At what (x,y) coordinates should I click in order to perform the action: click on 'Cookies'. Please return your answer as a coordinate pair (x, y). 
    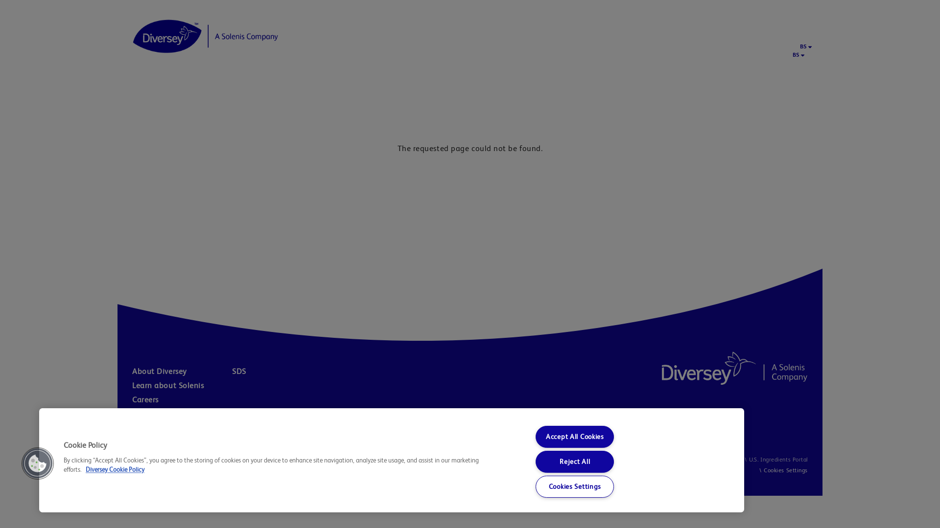
    Looking at the image, I should click on (728, 460).